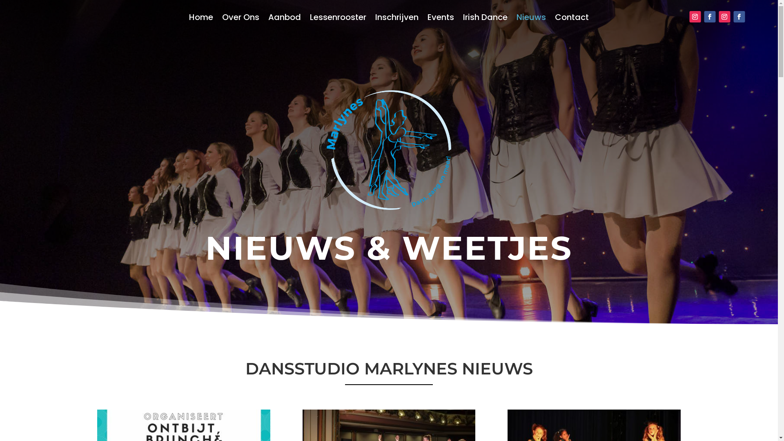  Describe the element at coordinates (338, 18) in the screenshot. I see `'Lessenrooster'` at that location.